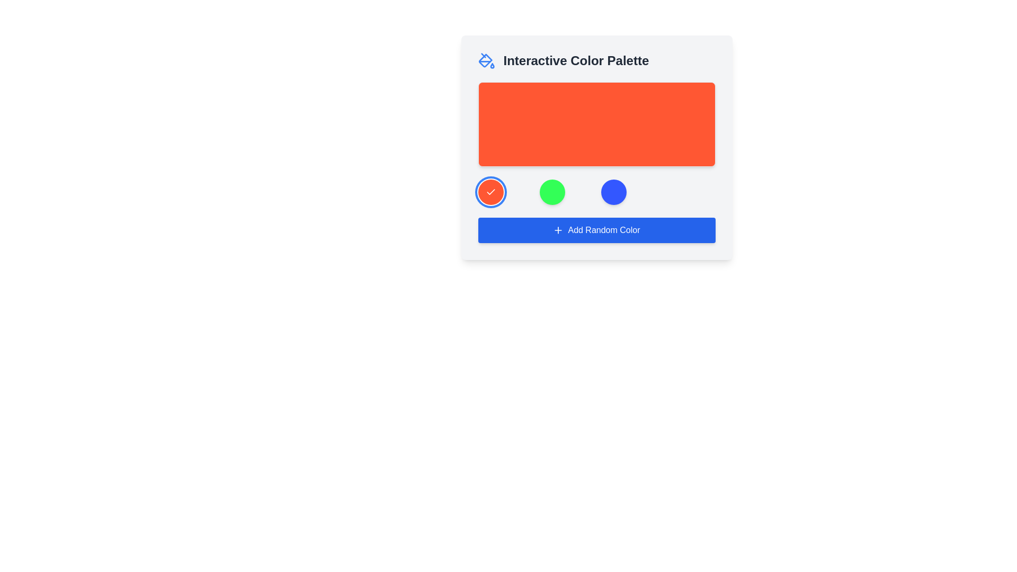  Describe the element at coordinates (613, 192) in the screenshot. I see `the circular blue button, which is the third element in a grid of four buttons` at that location.